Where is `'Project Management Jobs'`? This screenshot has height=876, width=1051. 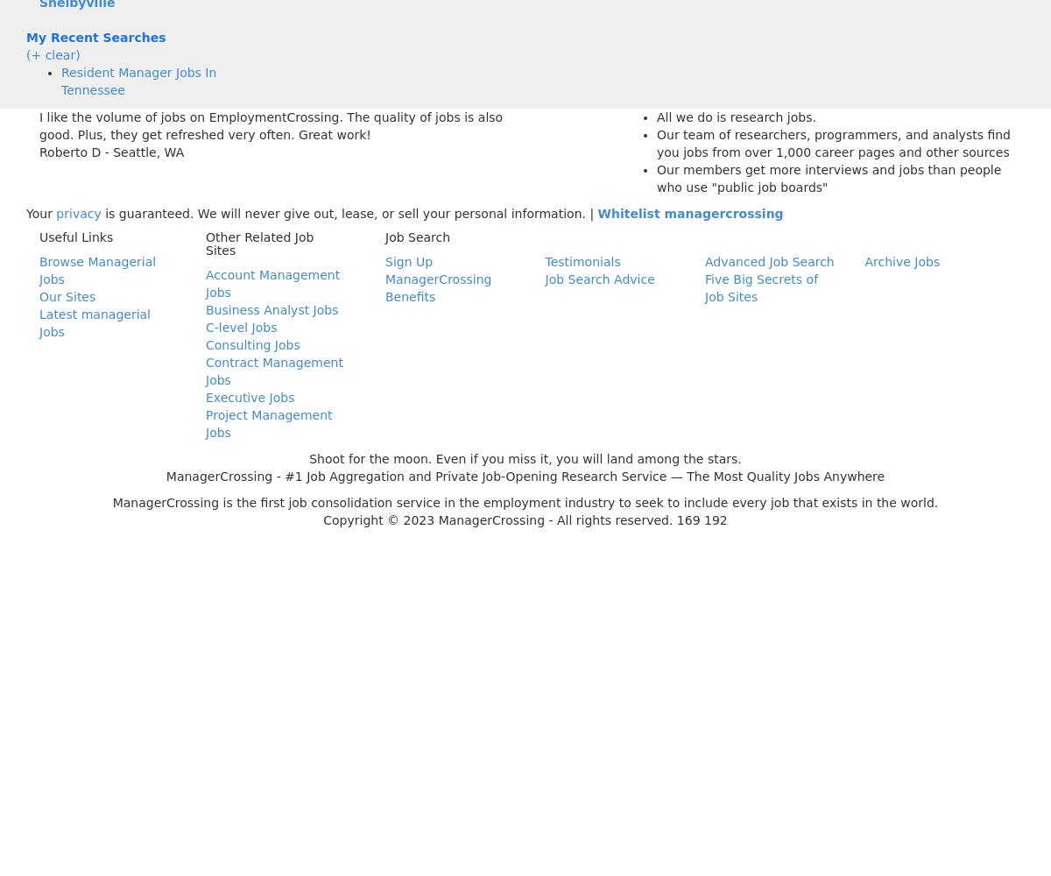
'Project Management Jobs' is located at coordinates (268, 423).